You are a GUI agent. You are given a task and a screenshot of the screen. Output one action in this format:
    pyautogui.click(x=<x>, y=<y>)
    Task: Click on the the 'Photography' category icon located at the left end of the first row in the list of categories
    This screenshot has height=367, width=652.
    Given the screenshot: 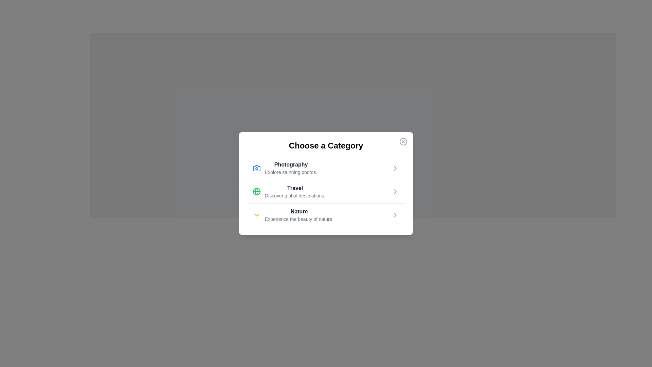 What is the action you would take?
    pyautogui.click(x=256, y=168)
    